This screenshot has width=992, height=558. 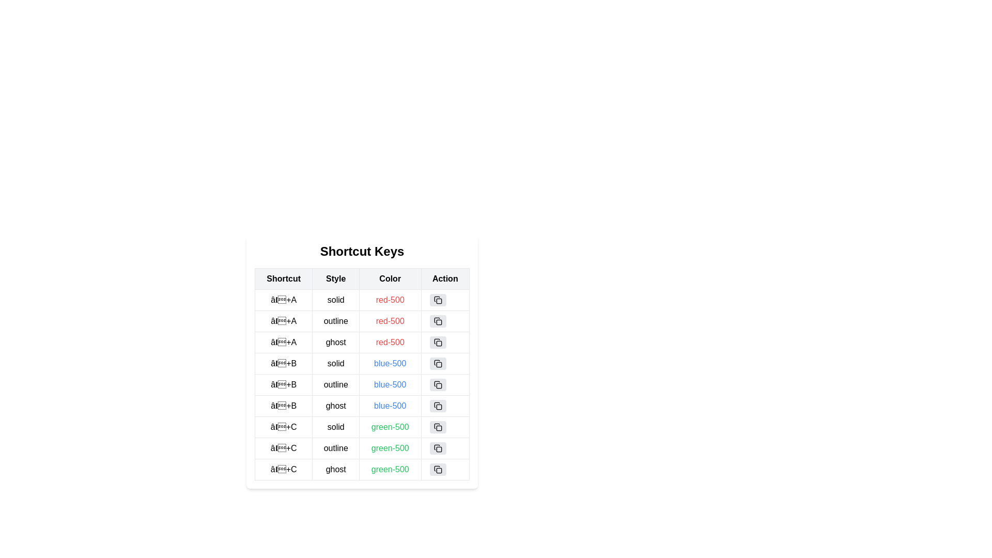 I want to click on the text label displaying 'ghost' in the 'Style' column of the 'Shortcut Keys' table, which is styled with a border and padding, so click(x=336, y=470).